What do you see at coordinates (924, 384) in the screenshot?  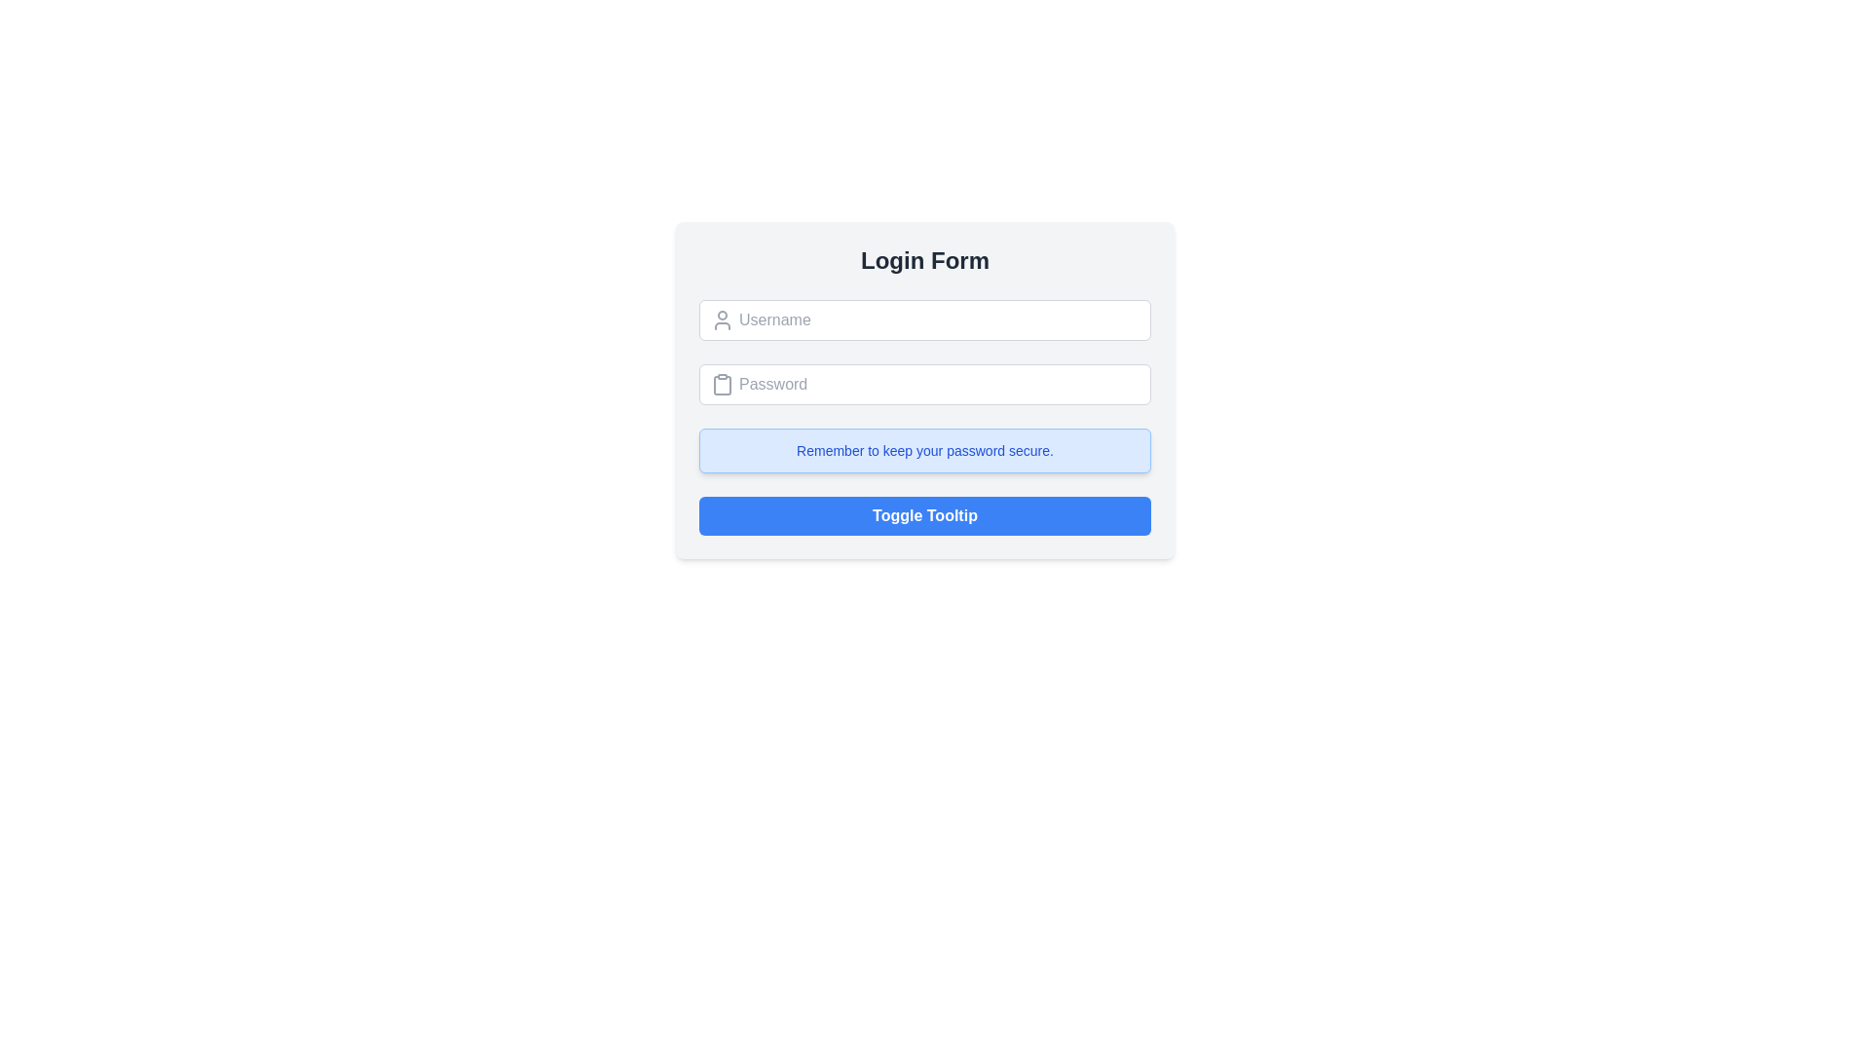 I see `the password input field located in the middle of the login form to focus on it, allowing the user to enter their password securely` at bounding box center [924, 384].